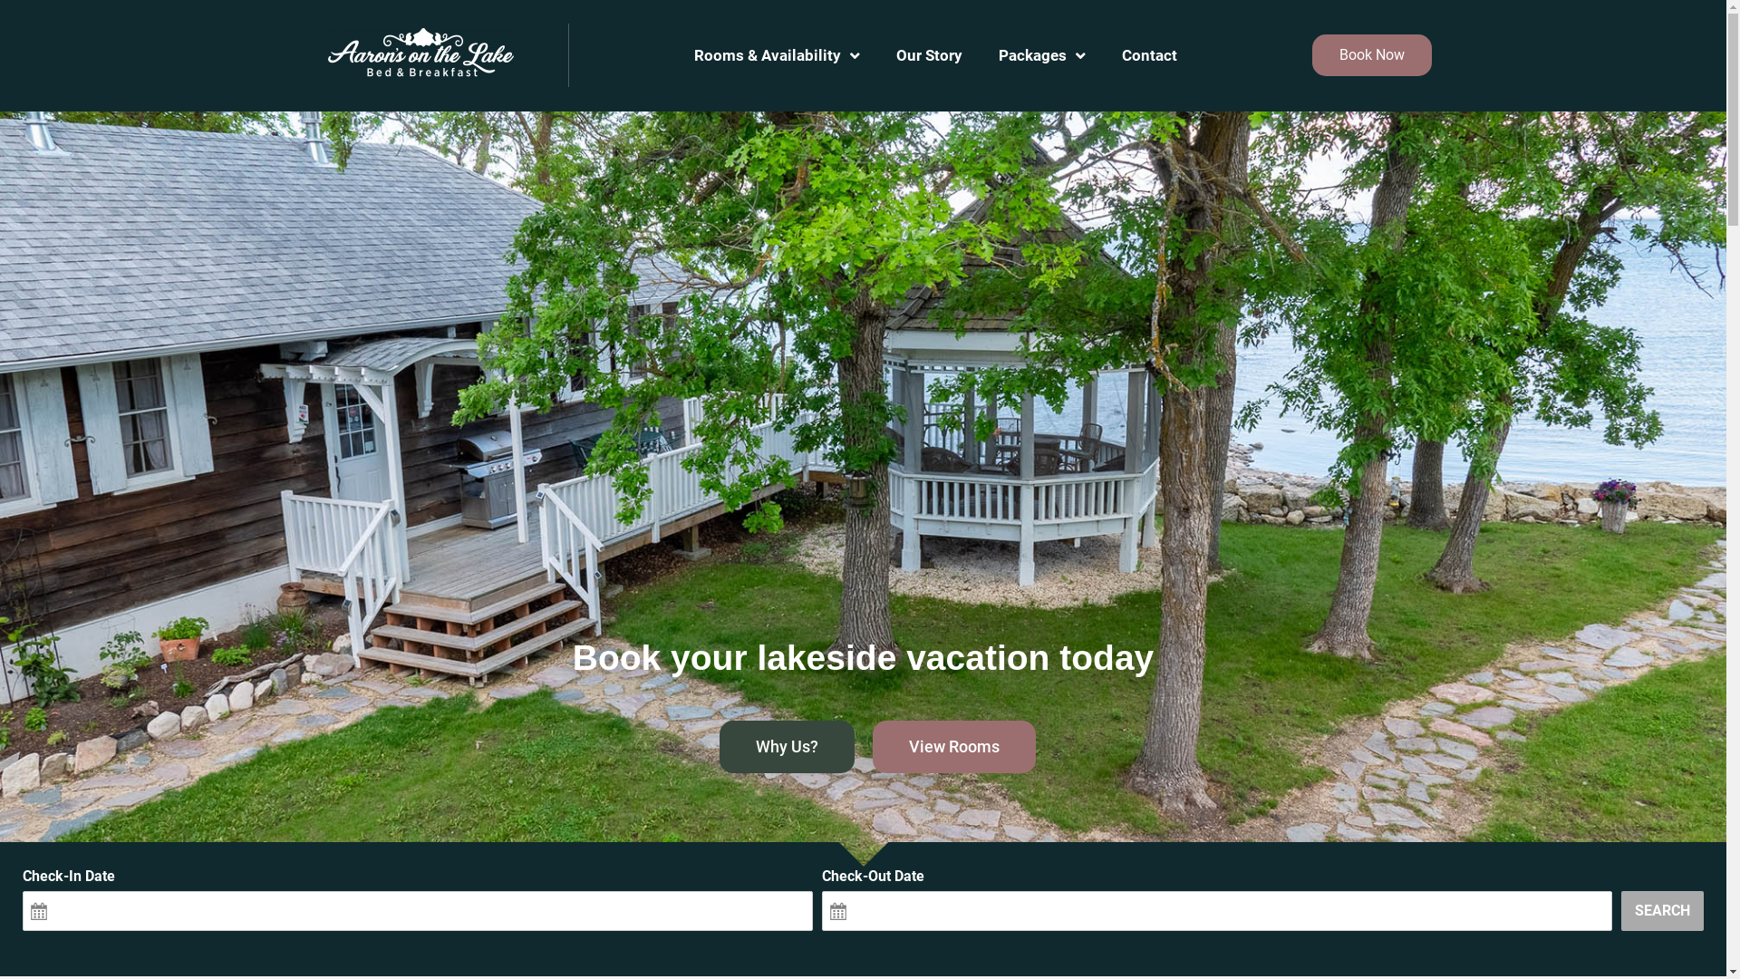 The height and width of the screenshot is (979, 1740). I want to click on 'Aarons-on-the-Lake-white', so click(420, 54).